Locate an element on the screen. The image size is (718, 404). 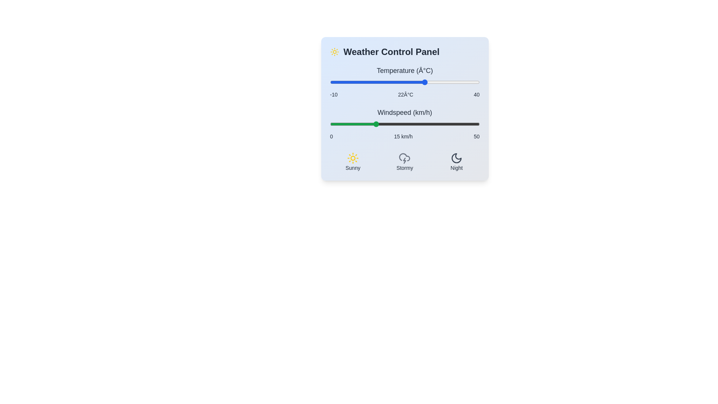
the temperature is located at coordinates (447, 82).